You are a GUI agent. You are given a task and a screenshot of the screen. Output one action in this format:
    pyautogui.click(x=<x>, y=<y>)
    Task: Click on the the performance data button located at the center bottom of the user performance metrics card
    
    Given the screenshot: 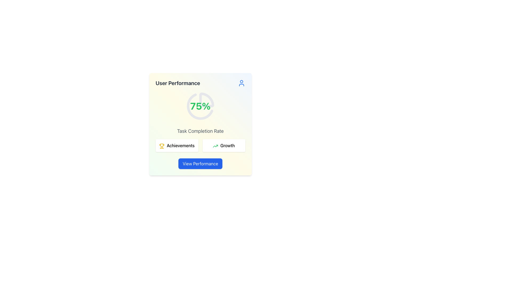 What is the action you would take?
    pyautogui.click(x=200, y=163)
    